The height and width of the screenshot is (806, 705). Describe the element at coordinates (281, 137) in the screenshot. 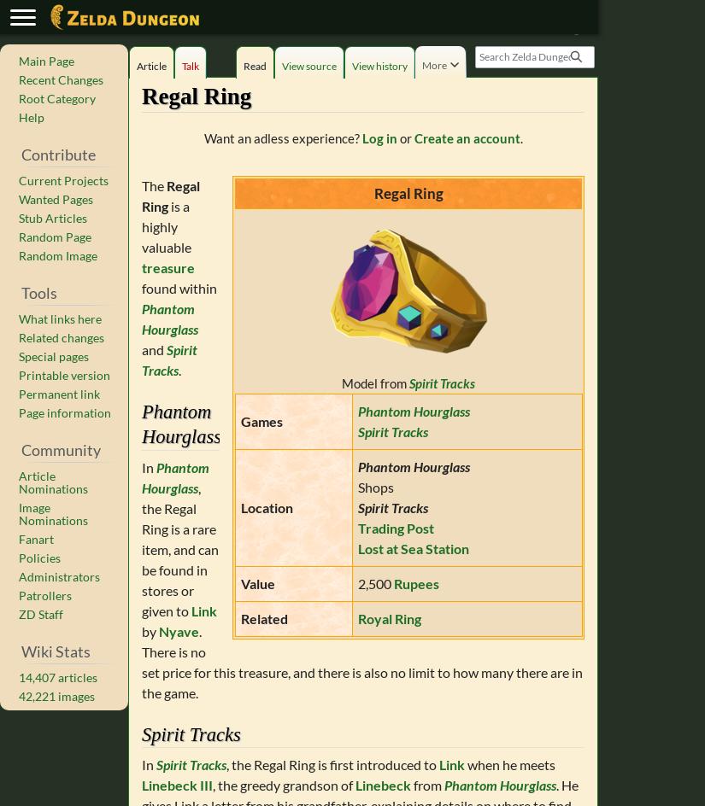

I see `'Want an adless experience?'` at that location.